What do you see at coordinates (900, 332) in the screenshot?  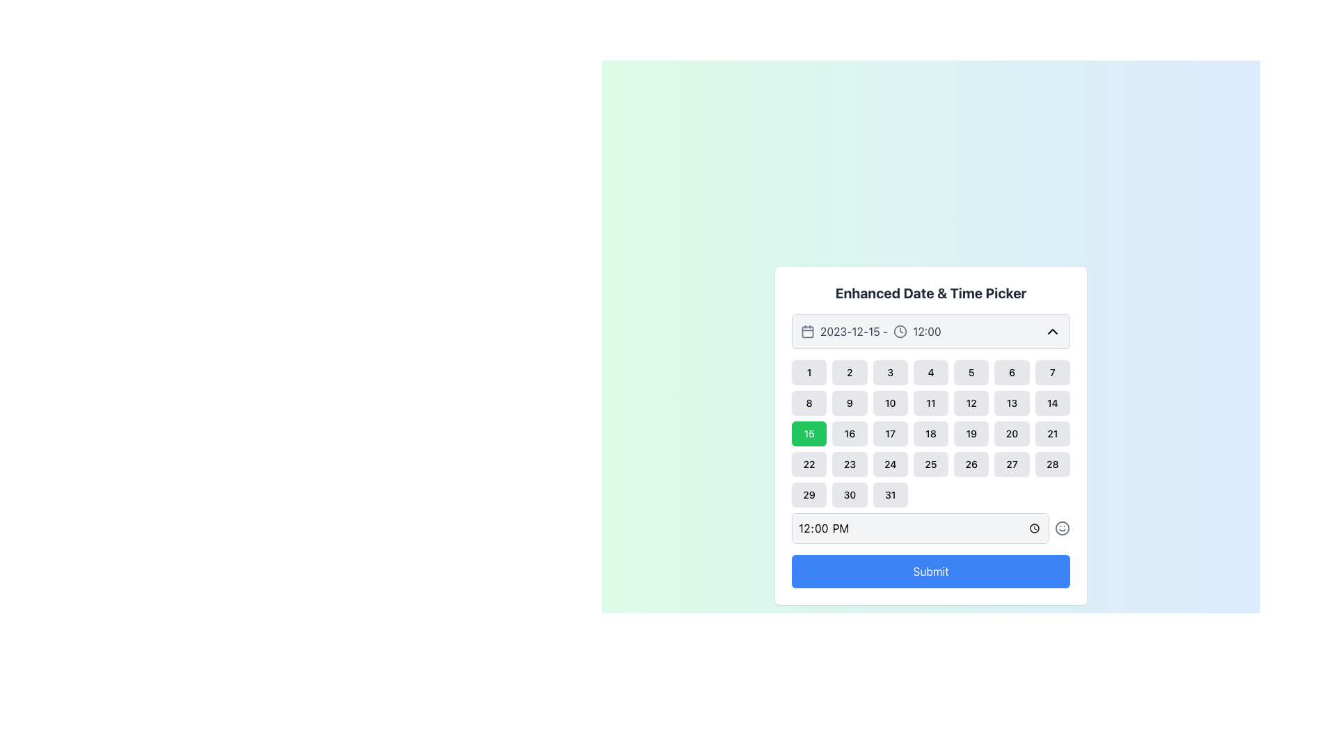 I see `the clock icon located in the top bar of the calendar interface, positioned to the right of the date string '2023-12-15'` at bounding box center [900, 332].